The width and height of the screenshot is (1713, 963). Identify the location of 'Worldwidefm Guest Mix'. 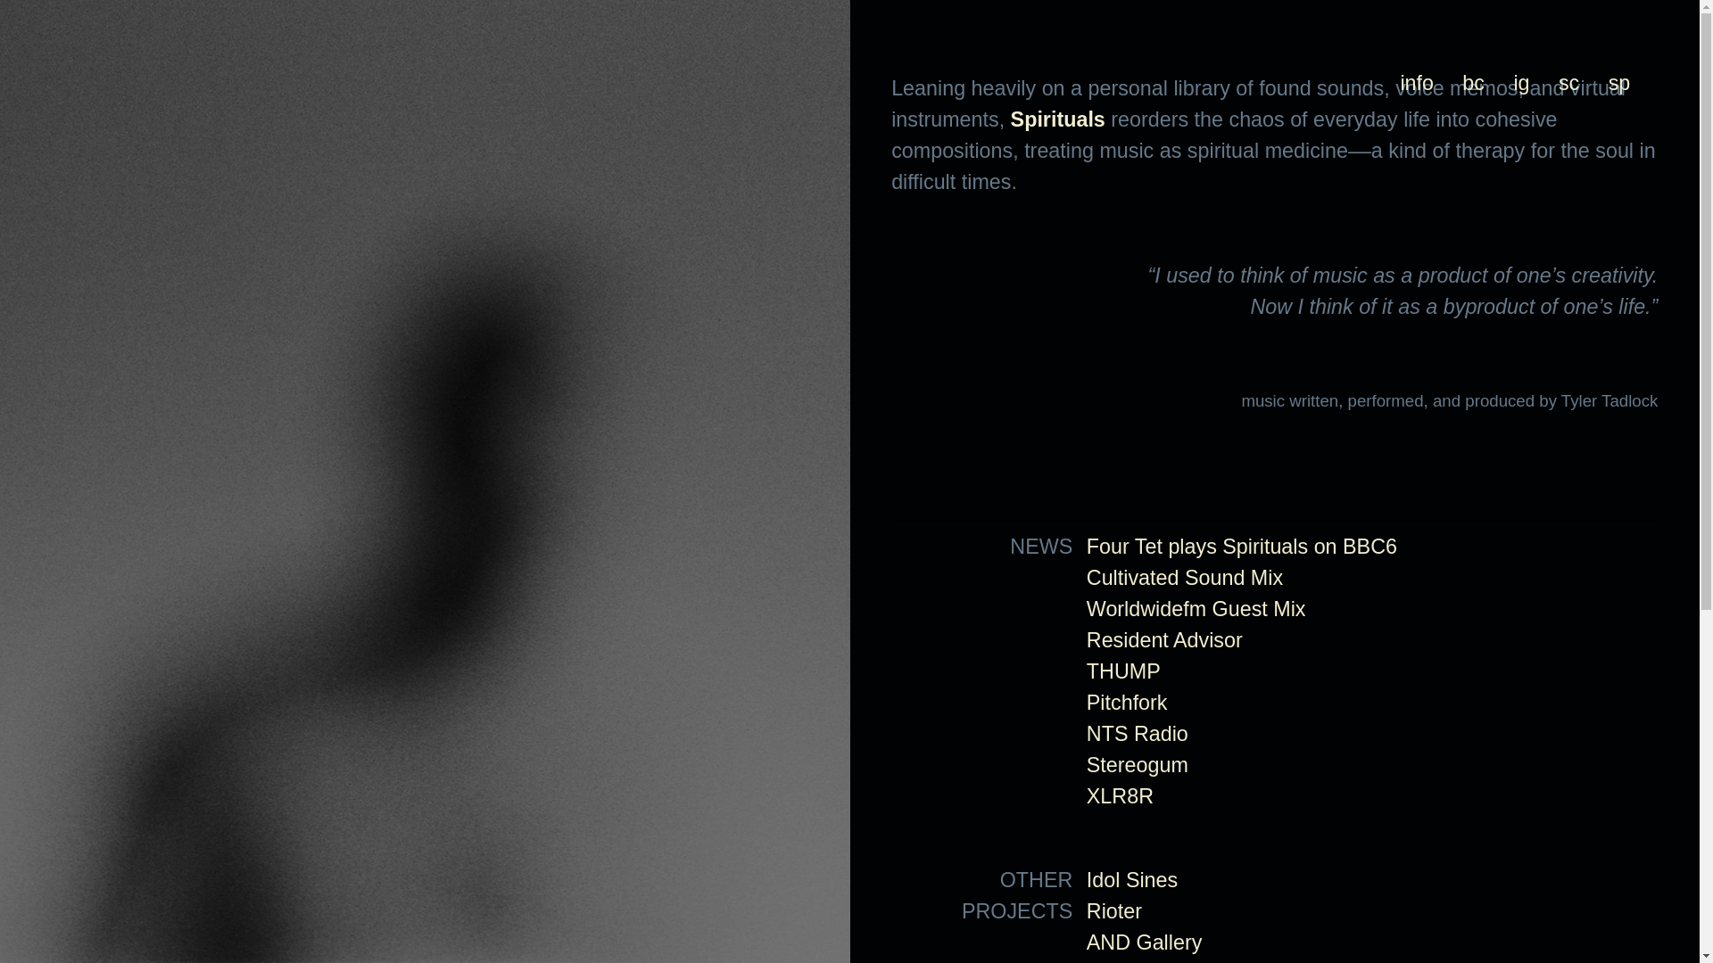
(1196, 608).